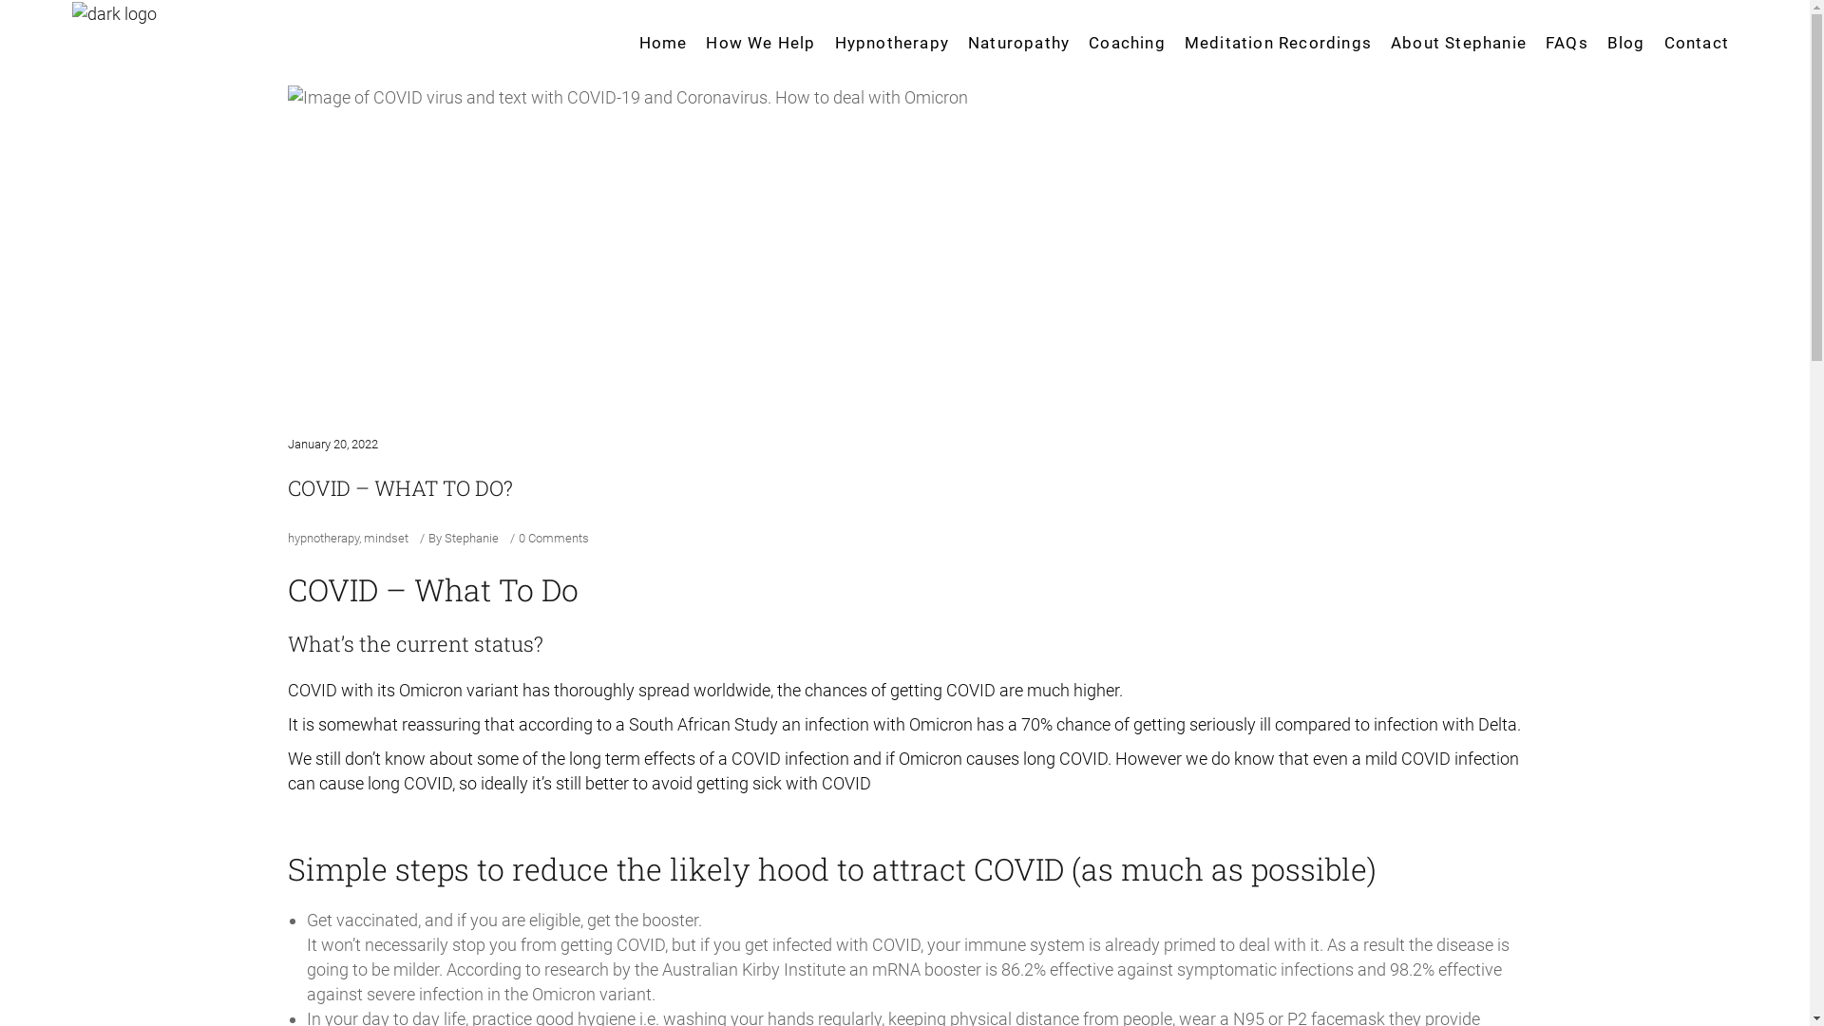 The height and width of the screenshot is (1026, 1824). Describe the element at coordinates (1625, 43) in the screenshot. I see `'Blog'` at that location.